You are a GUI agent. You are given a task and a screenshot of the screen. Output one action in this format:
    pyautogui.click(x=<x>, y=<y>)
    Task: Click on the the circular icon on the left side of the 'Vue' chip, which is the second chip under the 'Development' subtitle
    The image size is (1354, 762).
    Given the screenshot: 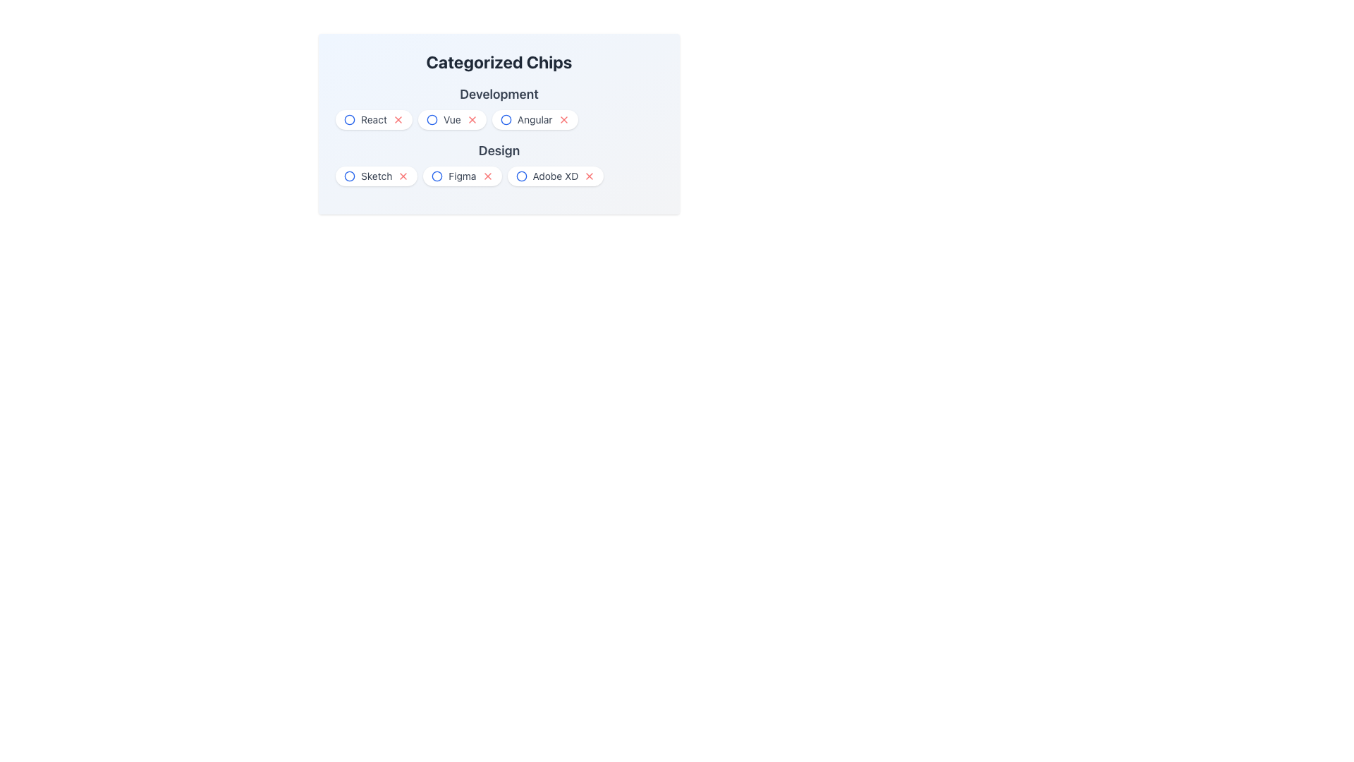 What is the action you would take?
    pyautogui.click(x=432, y=119)
    